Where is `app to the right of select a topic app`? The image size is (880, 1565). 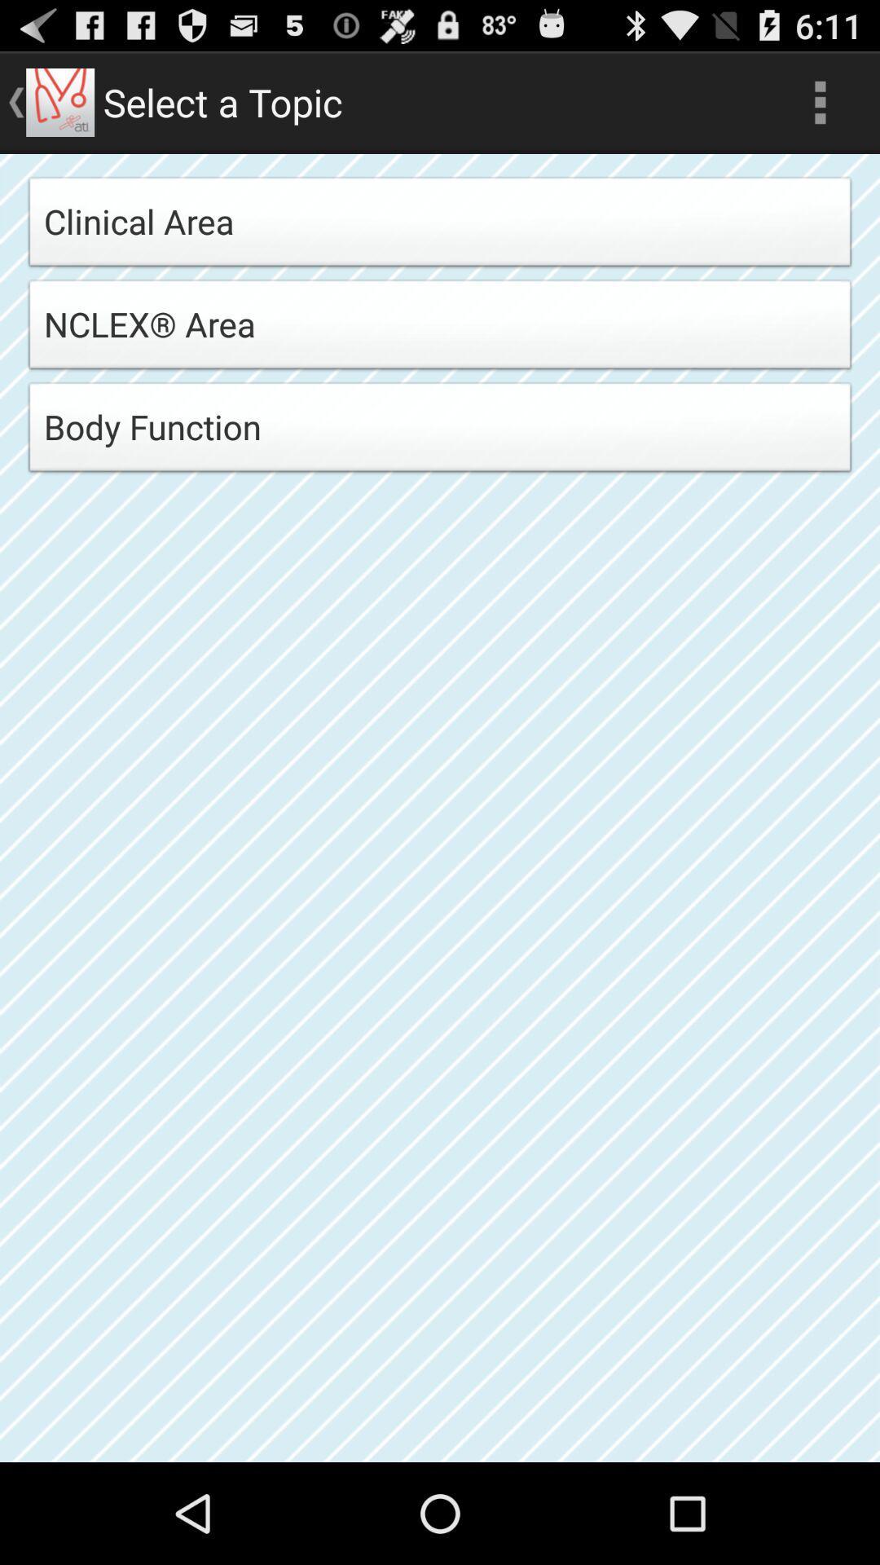
app to the right of select a topic app is located at coordinates (820, 101).